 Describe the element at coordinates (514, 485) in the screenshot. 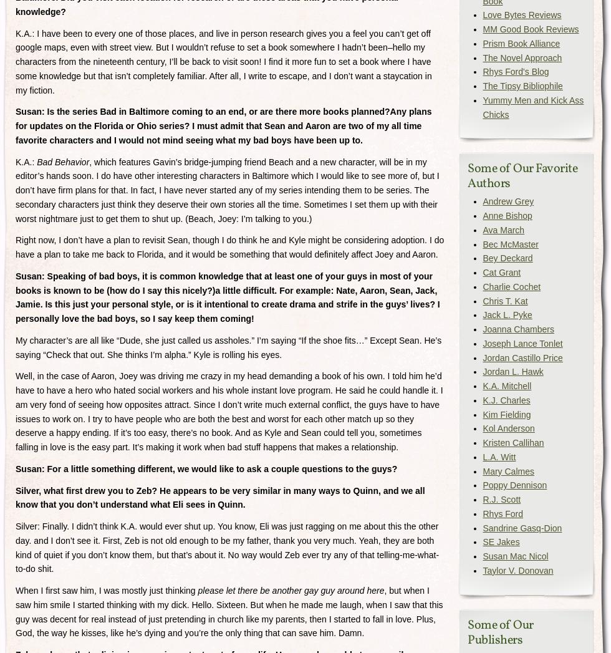

I see `'Poppy Dennison'` at that location.